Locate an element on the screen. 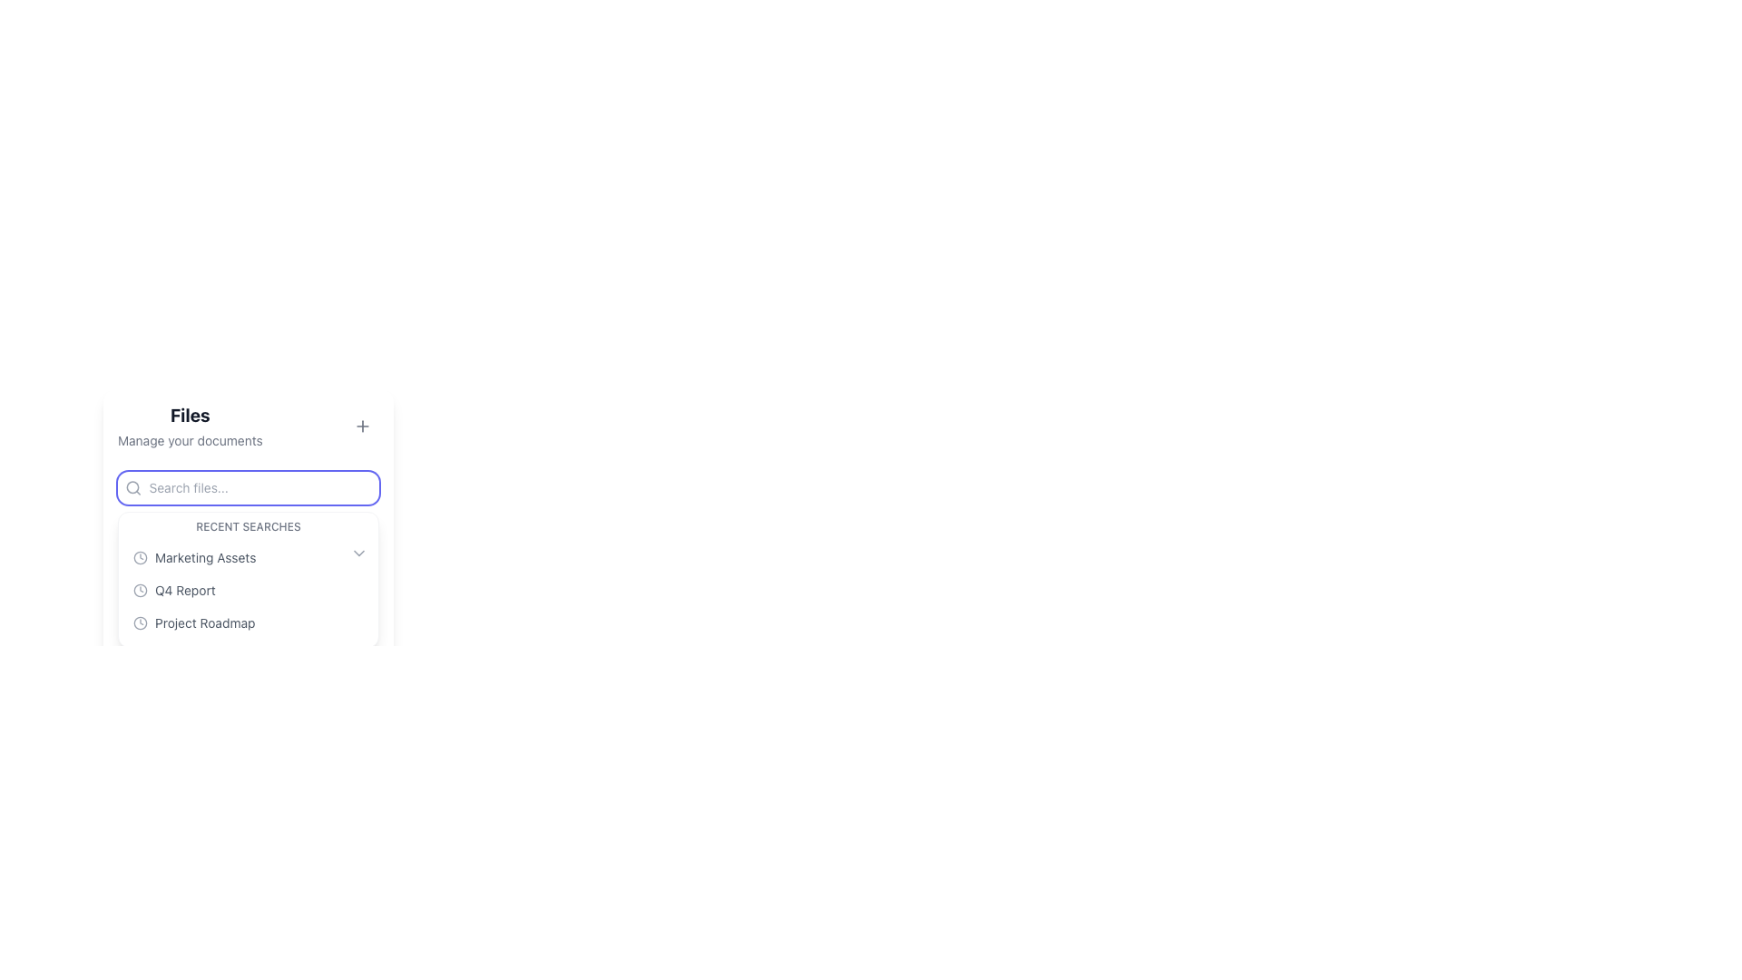 The image size is (1742, 980). the text label displaying 'Documents' and '43 items', which is styled with bold and light fonts and positioned to the right of a blue icon is located at coordinates (239, 552).